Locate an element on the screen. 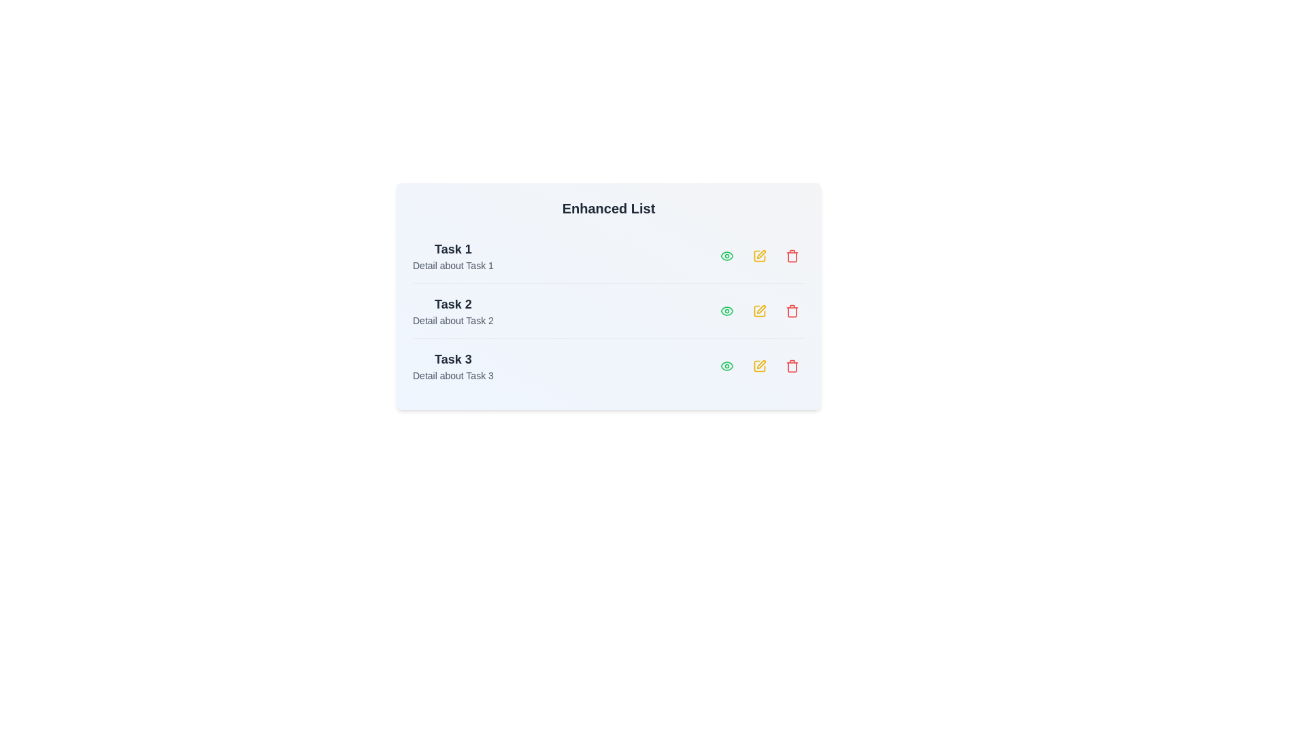 This screenshot has width=1306, height=734. the 'Eye' icon for task 2 to view its details is located at coordinates (726, 311).